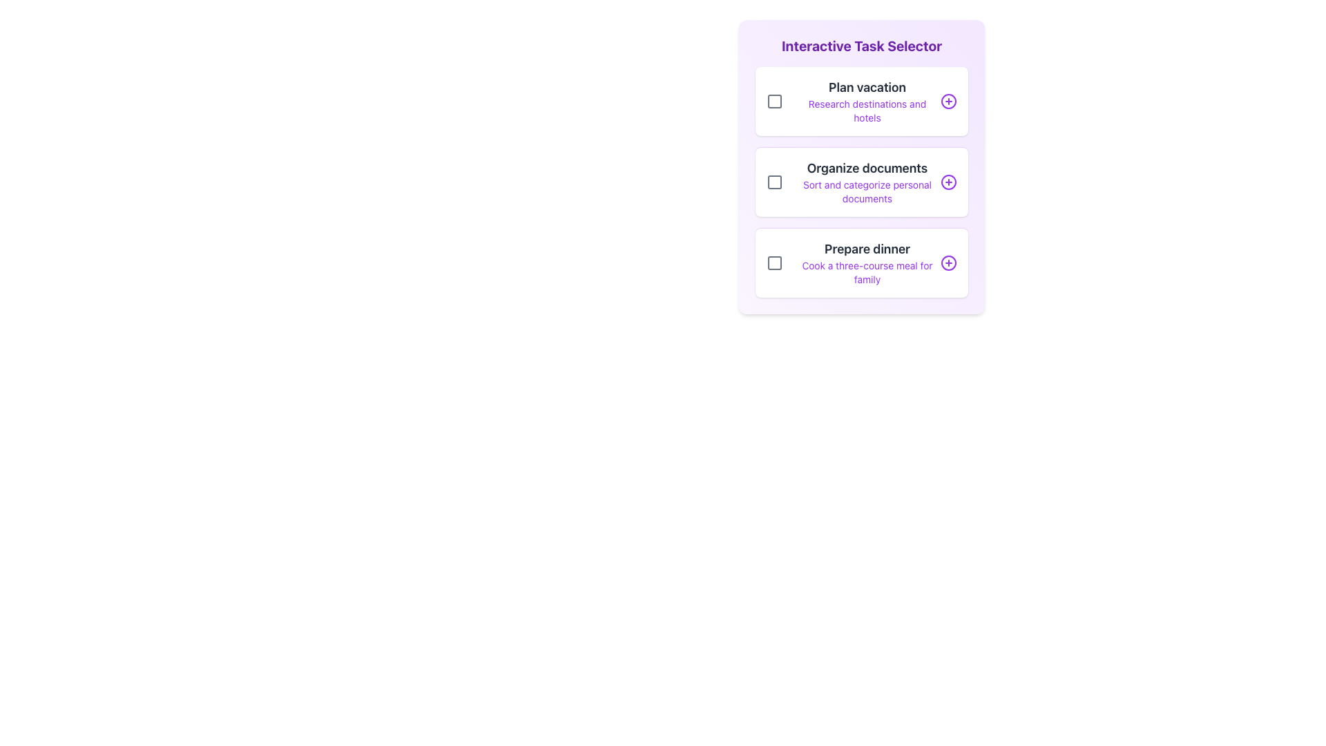  What do you see at coordinates (867, 181) in the screenshot?
I see `the text label that says 'Organize documents' which is part of the middle task card in a vertical stack of three cards` at bounding box center [867, 181].